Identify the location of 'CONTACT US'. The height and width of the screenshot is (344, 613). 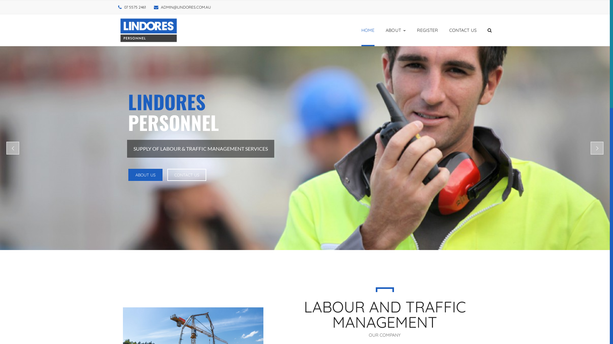
(463, 30).